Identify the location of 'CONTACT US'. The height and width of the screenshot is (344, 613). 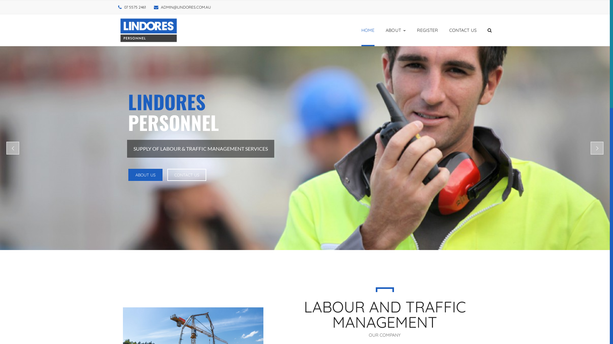
(463, 30).